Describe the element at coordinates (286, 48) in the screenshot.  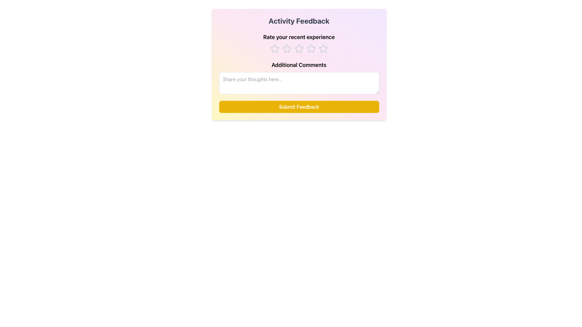
I see `the third star` at that location.